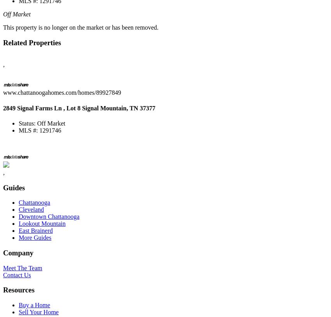  I want to click on 'Guides', so click(14, 187).